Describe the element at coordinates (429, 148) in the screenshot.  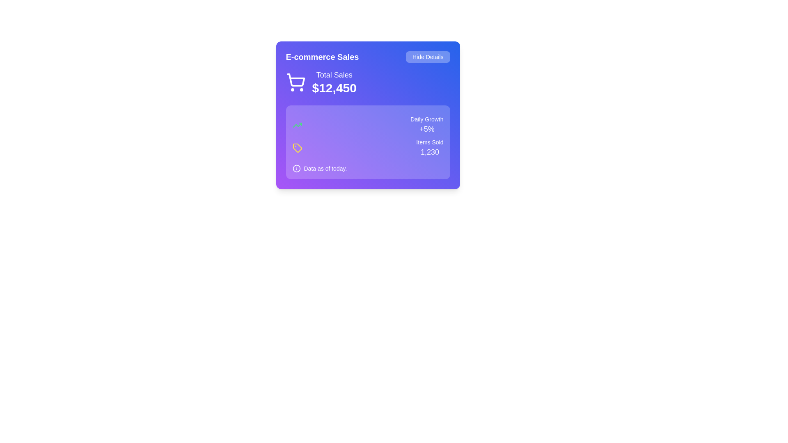
I see `the text block displaying the number of items sold, located in the bottom-right quadrant of the sales analytics interface, beneath the 'Daily Growth +5%' text and to the right of the yellow tag icon` at that location.